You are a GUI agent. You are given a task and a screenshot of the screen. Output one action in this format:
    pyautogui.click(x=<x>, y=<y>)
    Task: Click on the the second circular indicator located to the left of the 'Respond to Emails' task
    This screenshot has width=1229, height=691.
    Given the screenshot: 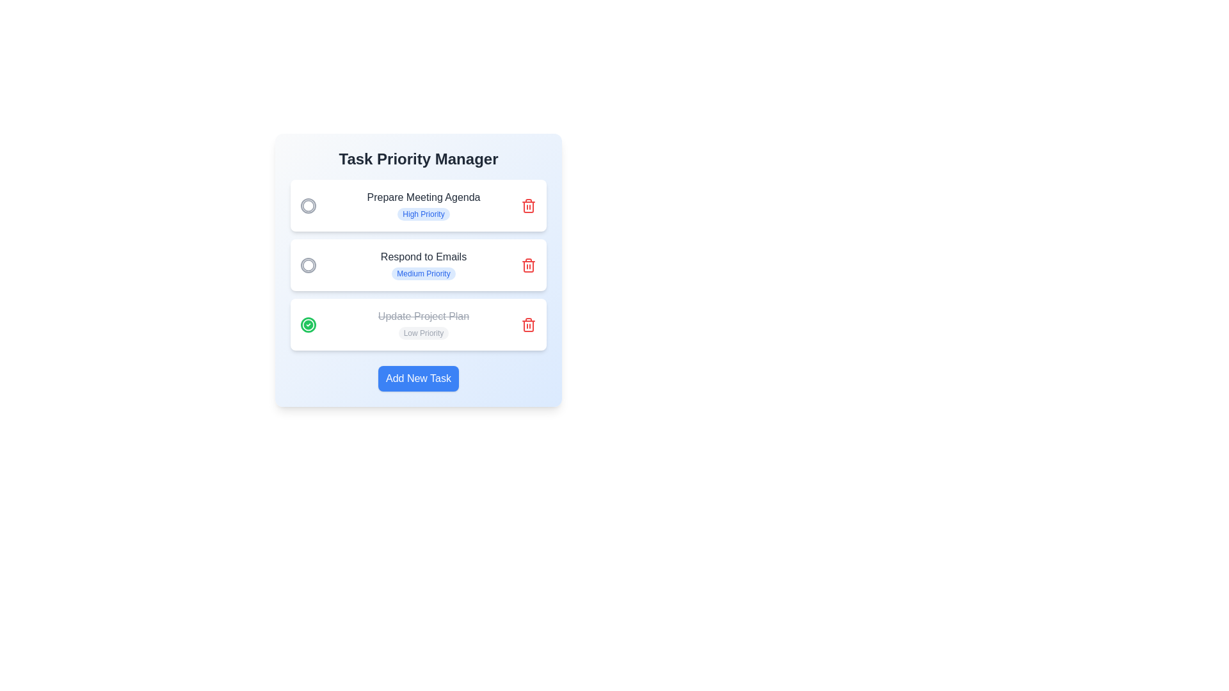 What is the action you would take?
    pyautogui.click(x=308, y=205)
    